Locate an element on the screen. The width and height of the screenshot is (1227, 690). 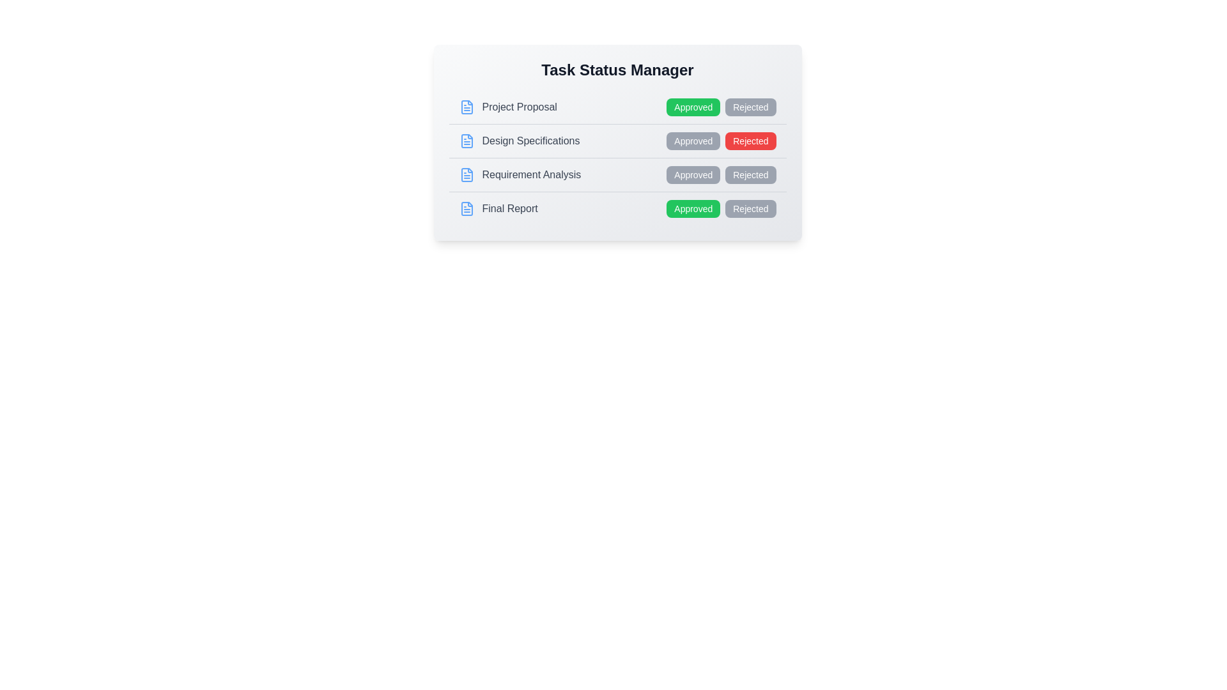
'Rejected' button for the 'Requirement Analysis' item is located at coordinates (750, 174).